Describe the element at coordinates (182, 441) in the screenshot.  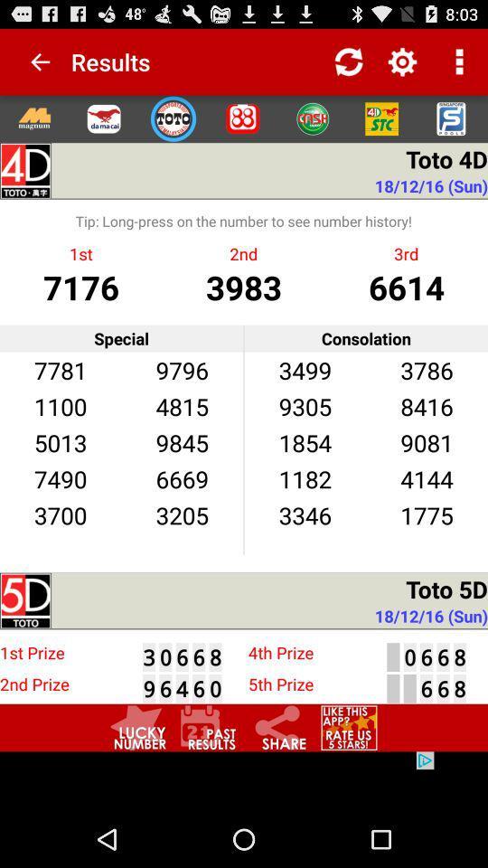
I see `the 9845 icon` at that location.